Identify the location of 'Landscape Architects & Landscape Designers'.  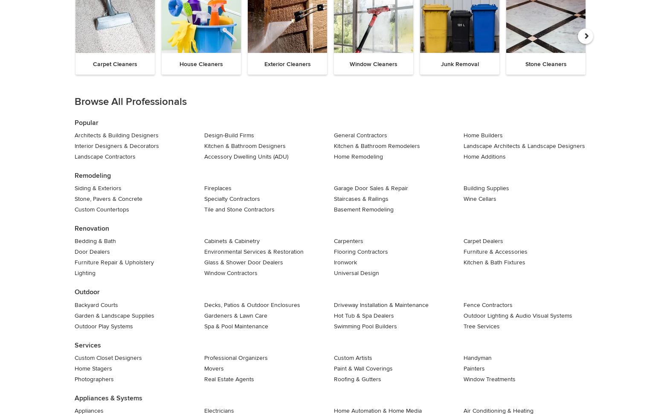
(524, 145).